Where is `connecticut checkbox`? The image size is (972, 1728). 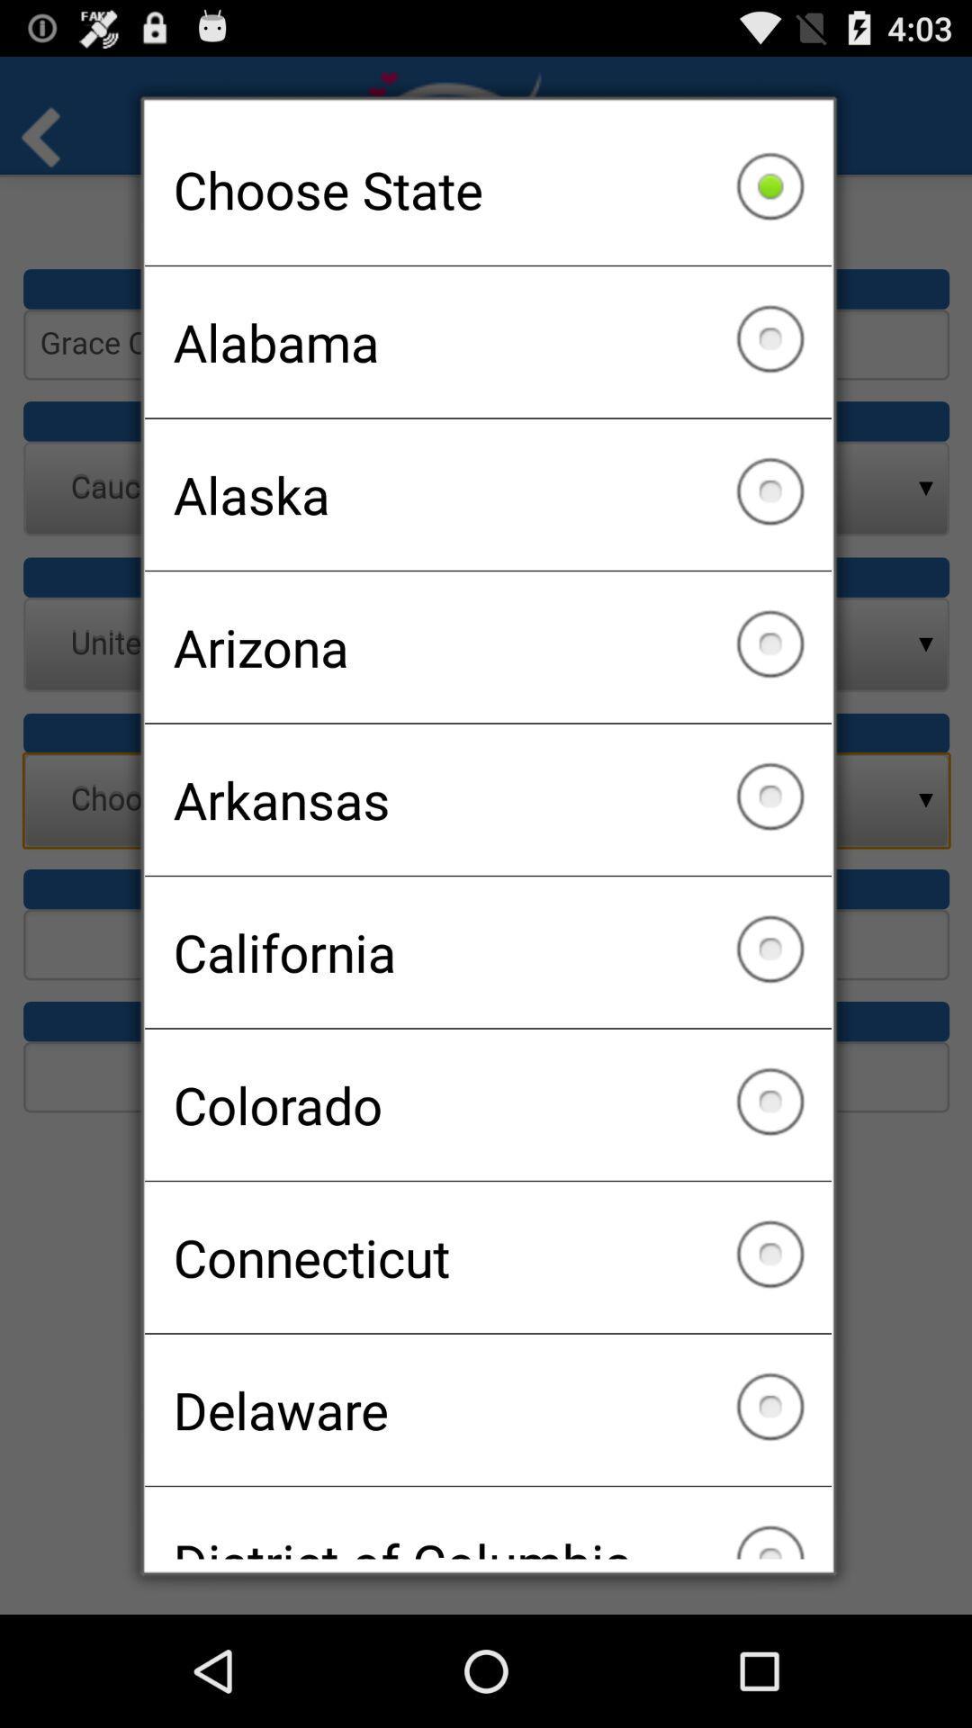
connecticut checkbox is located at coordinates (488, 1256).